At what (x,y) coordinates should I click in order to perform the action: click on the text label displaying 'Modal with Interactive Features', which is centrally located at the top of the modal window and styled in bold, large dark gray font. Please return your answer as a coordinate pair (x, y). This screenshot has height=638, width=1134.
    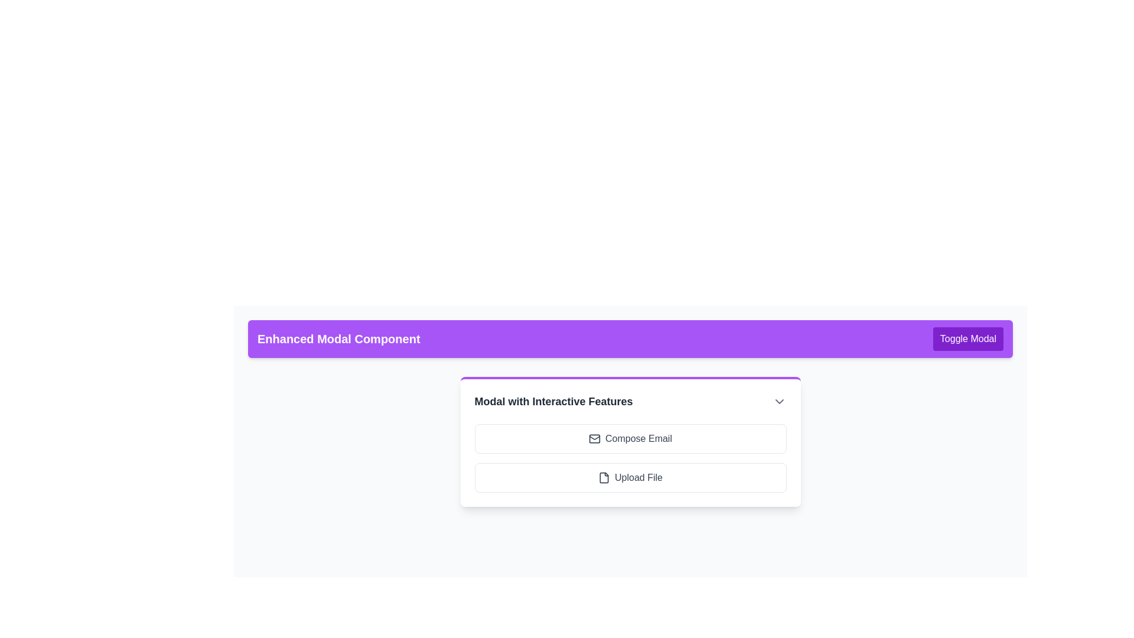
    Looking at the image, I should click on (553, 401).